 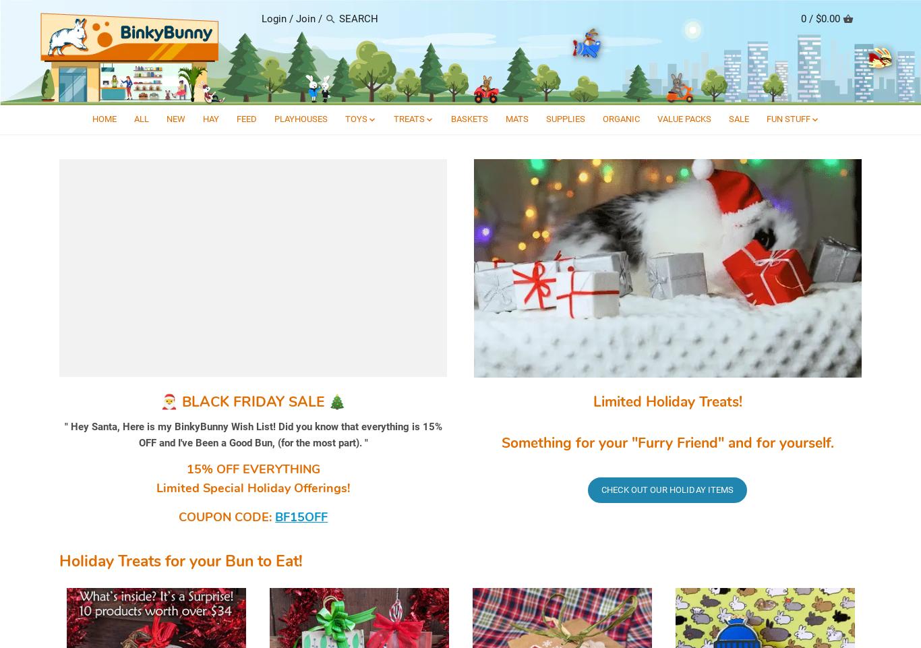 What do you see at coordinates (667, 402) in the screenshot?
I see `'Limited Holiday Treats!'` at bounding box center [667, 402].